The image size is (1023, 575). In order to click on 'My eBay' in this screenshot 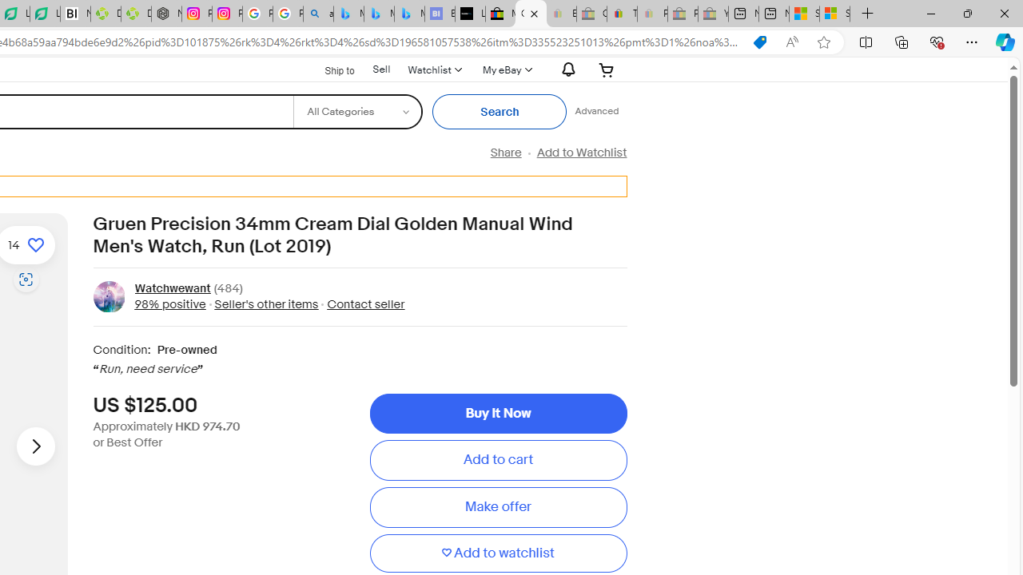, I will do `click(504, 69)`.